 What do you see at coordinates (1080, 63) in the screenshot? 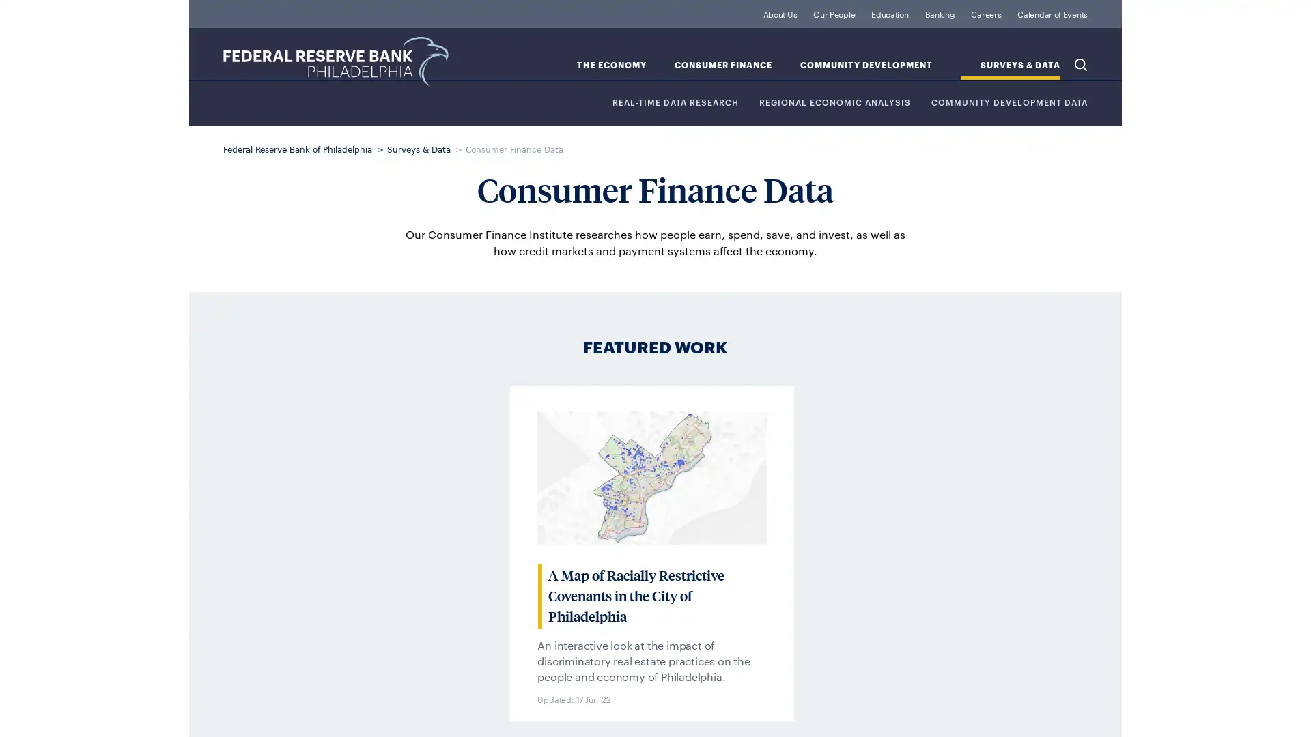
I see `Search` at bounding box center [1080, 63].